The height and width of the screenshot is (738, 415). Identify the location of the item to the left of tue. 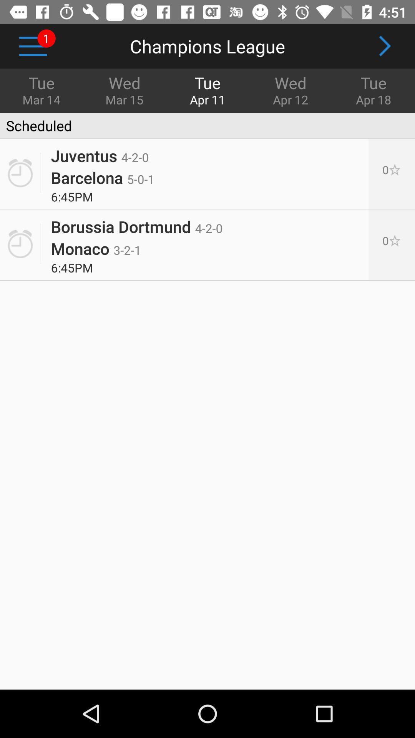
(290, 90).